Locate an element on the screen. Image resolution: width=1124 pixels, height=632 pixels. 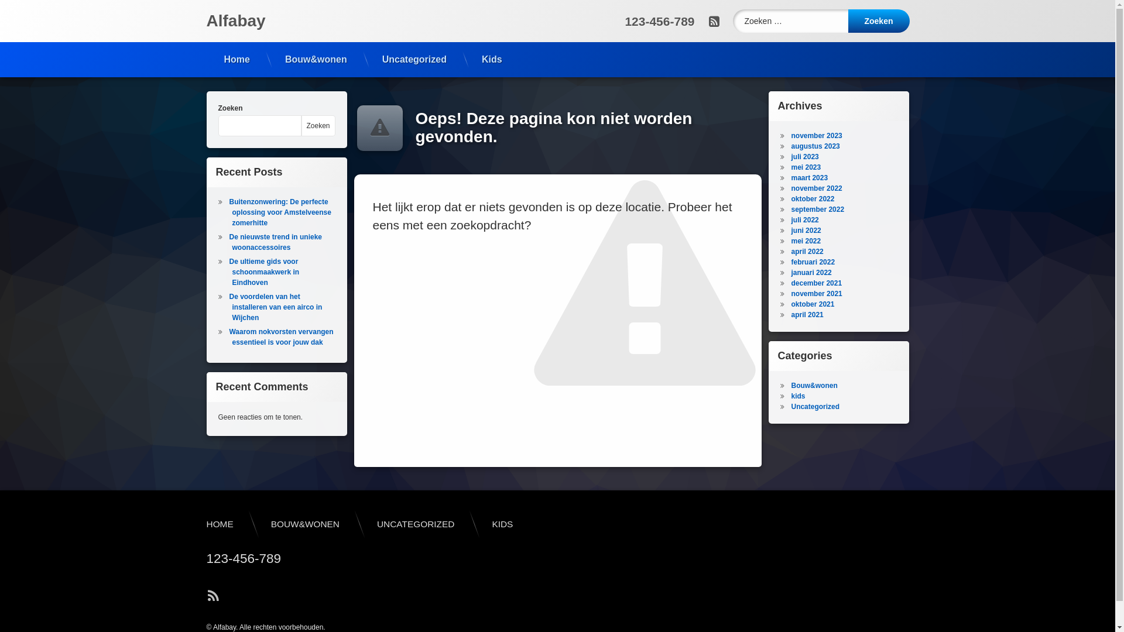
'mei 2023' is located at coordinates (805, 167).